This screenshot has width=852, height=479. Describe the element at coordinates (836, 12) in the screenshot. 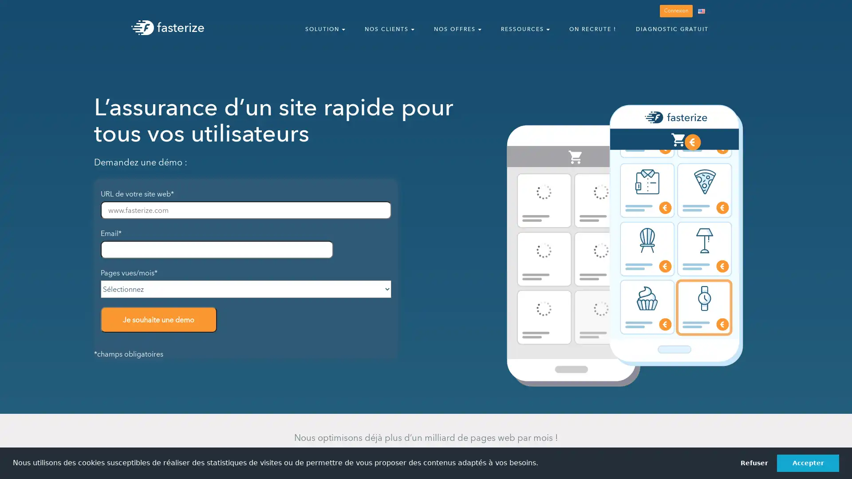

I see `Fermer` at that location.